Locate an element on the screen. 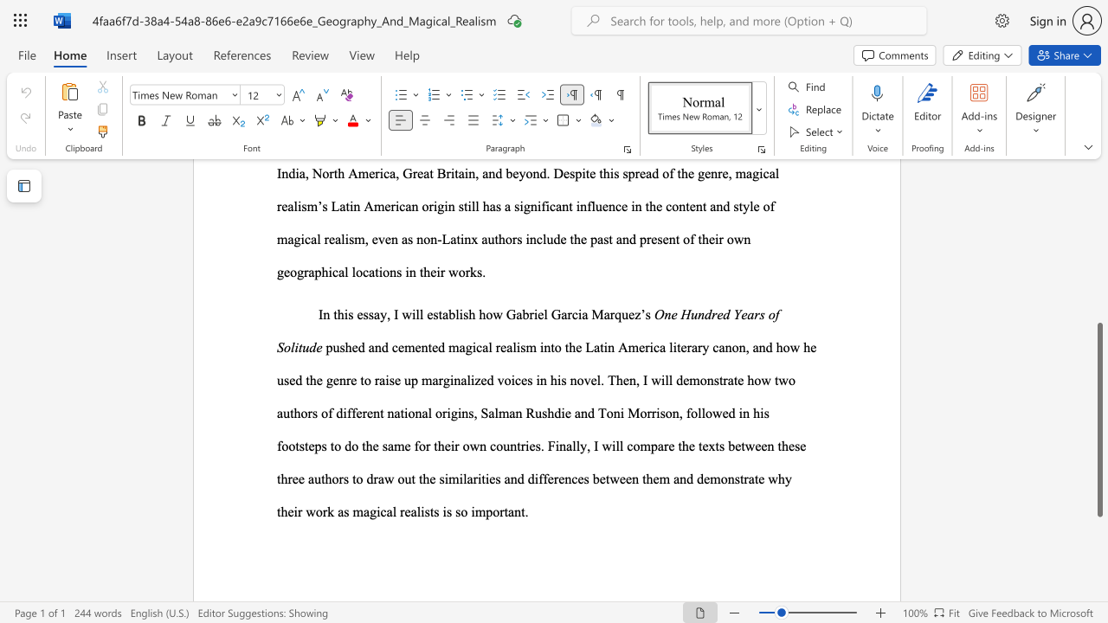 The width and height of the screenshot is (1108, 623). the 4th character "e" in the text is located at coordinates (531, 445).